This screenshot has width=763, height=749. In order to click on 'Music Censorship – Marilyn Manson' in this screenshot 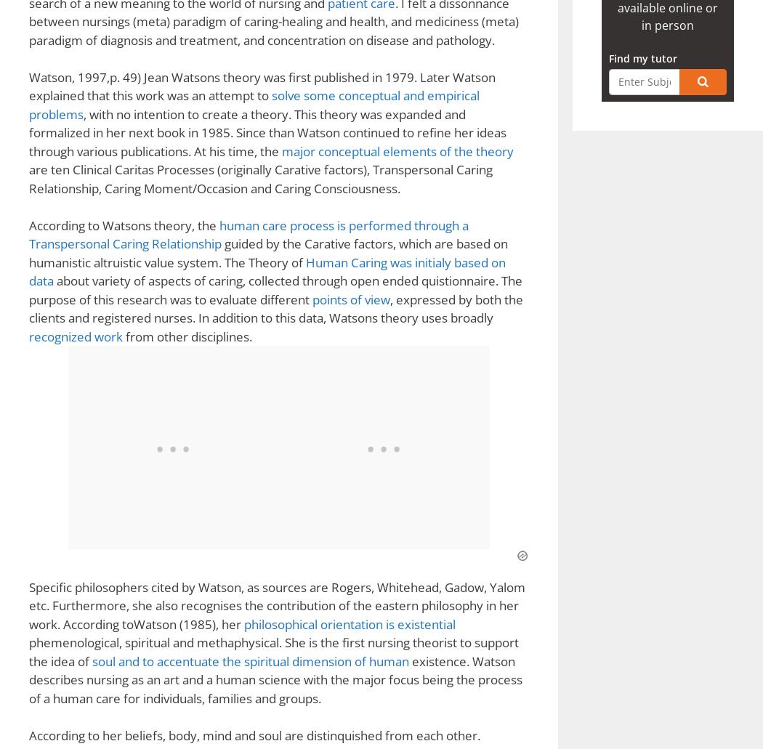, I will do `click(133, 243)`.